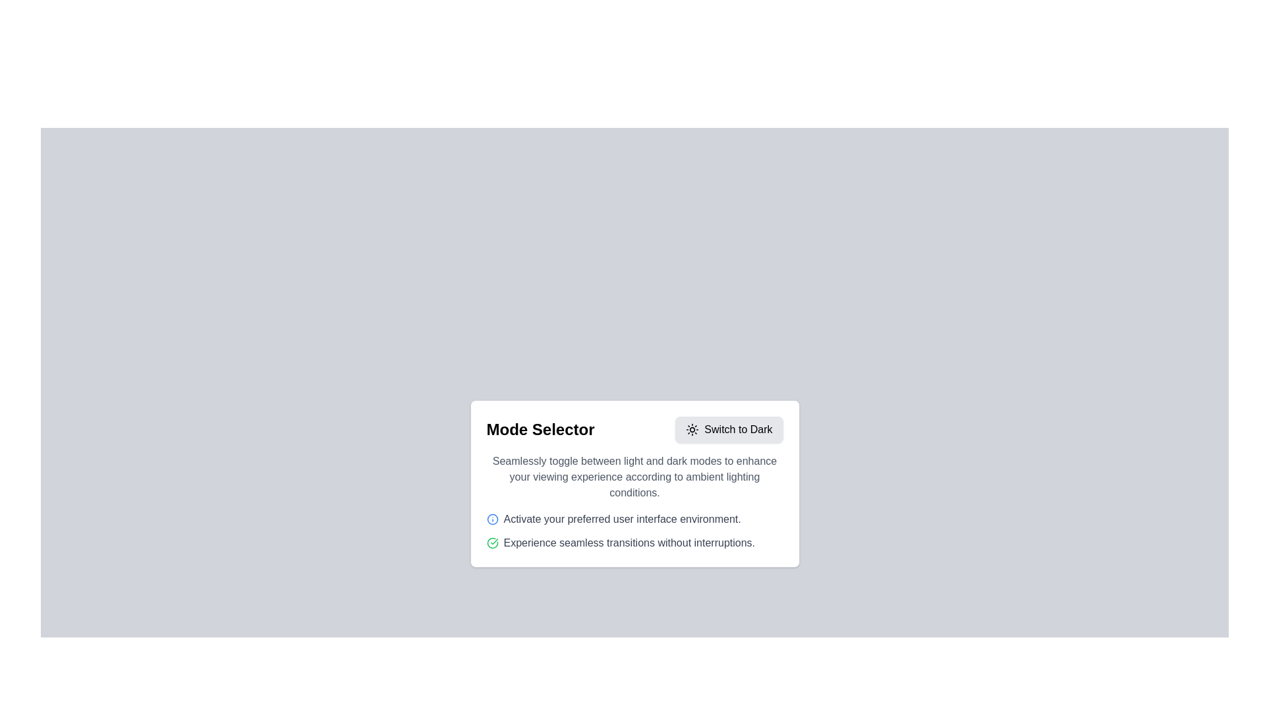  Describe the element at coordinates (492, 543) in the screenshot. I see `the circular icon that serves as a visual indicator, located to the left of the description paragraph in the second list item` at that location.